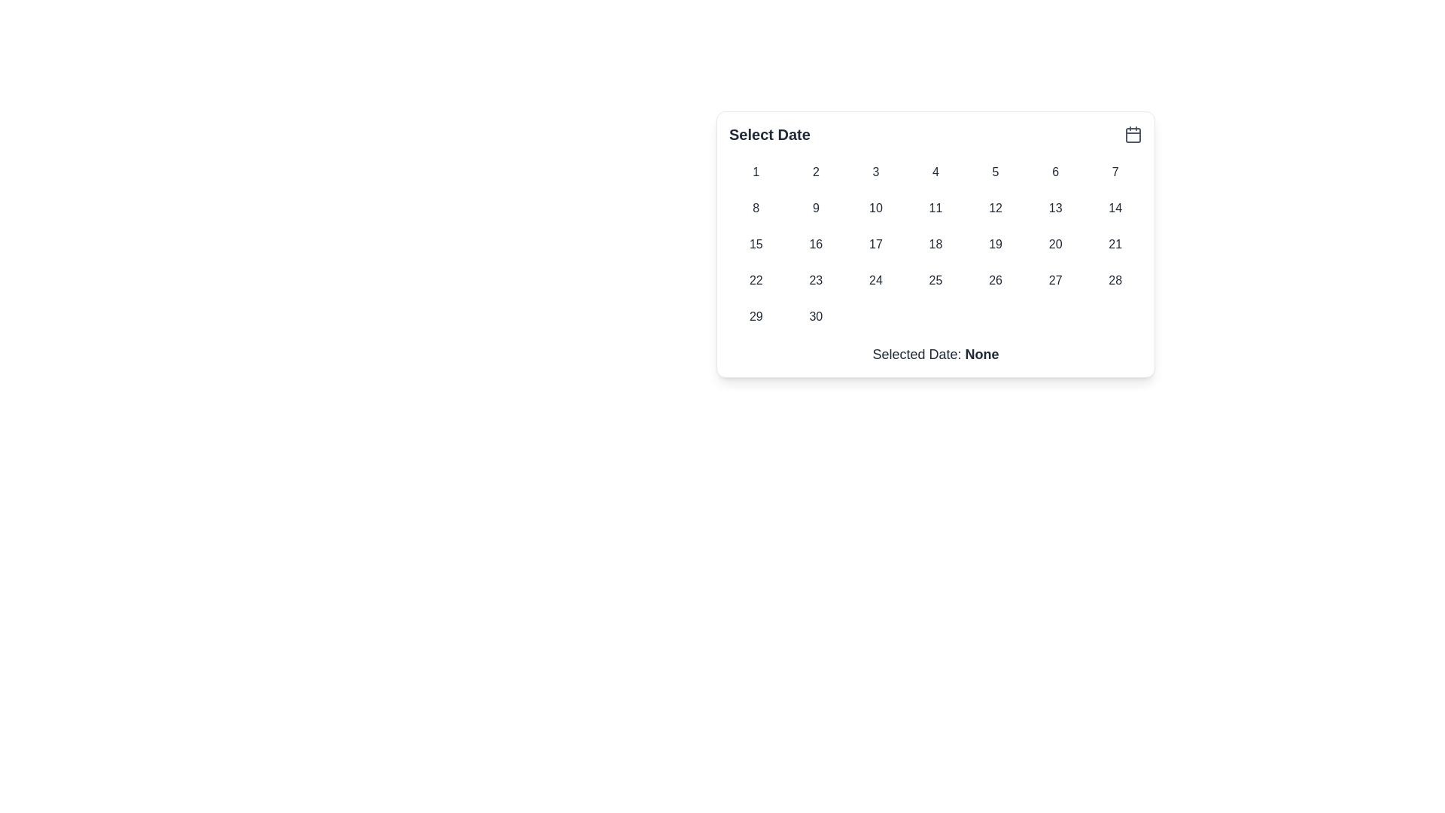  What do you see at coordinates (875, 281) in the screenshot?
I see `the square tile button with a white background and the black numeral '24'` at bounding box center [875, 281].